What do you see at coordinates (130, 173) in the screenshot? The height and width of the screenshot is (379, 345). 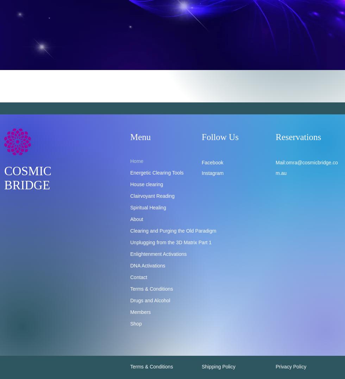 I see `'Energetic Clearing Tools'` at bounding box center [130, 173].